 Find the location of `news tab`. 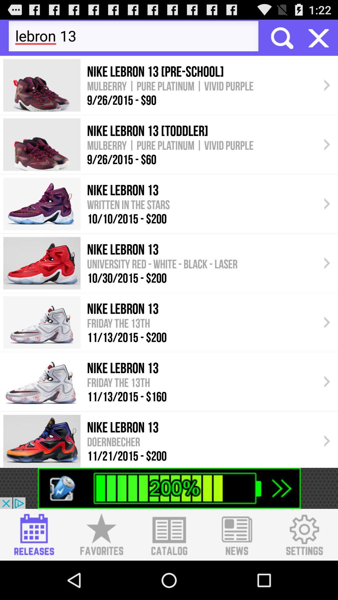

news tab is located at coordinates (237, 534).